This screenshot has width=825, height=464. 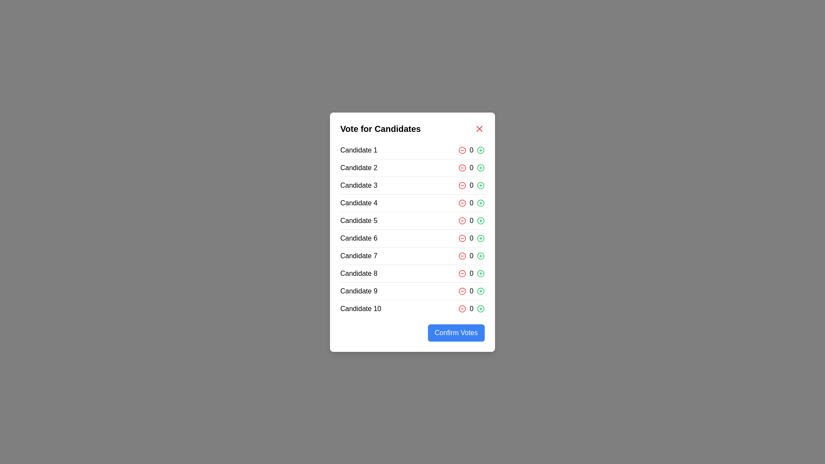 What do you see at coordinates (455, 332) in the screenshot?
I see `'Confirm Votes' button to confirm the votes` at bounding box center [455, 332].